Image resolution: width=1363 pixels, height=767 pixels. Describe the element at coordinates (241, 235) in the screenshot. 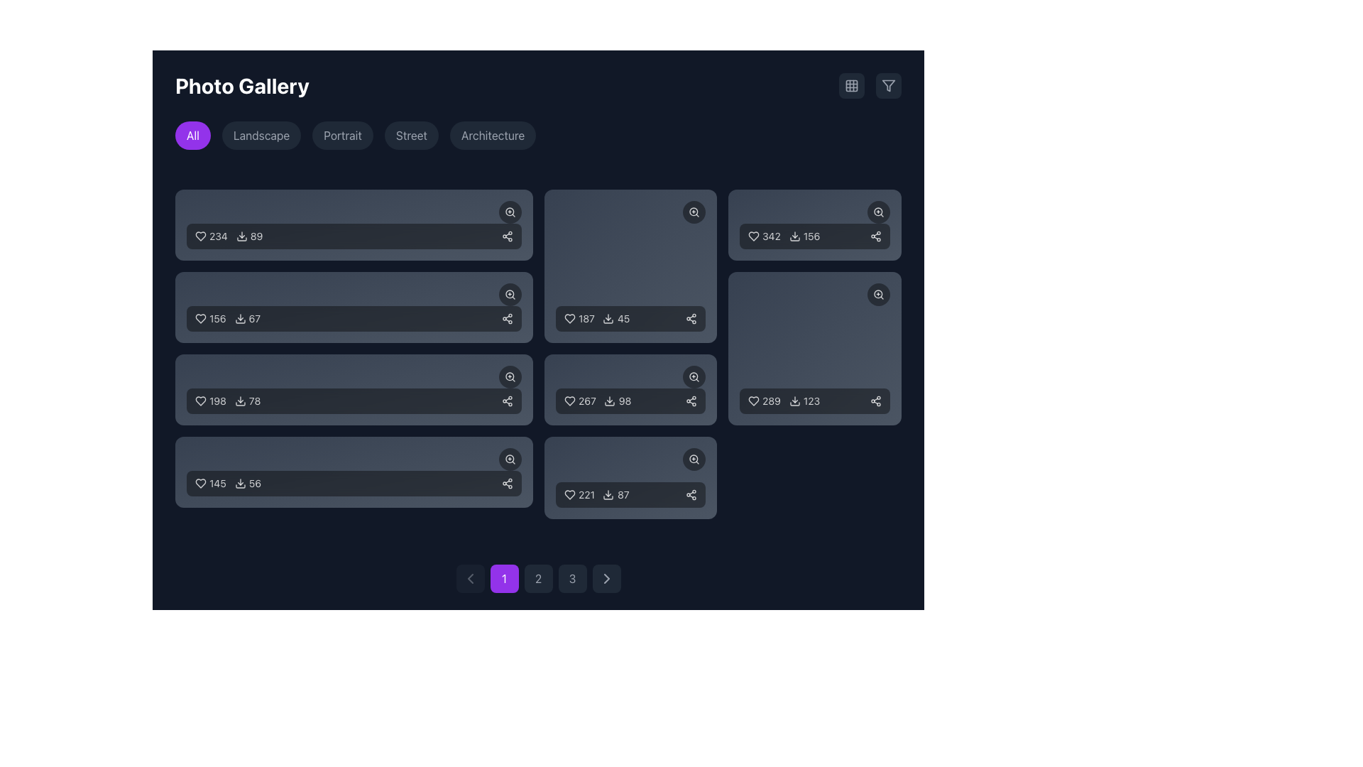

I see `the download icon representing the download action for the gallery item` at that location.